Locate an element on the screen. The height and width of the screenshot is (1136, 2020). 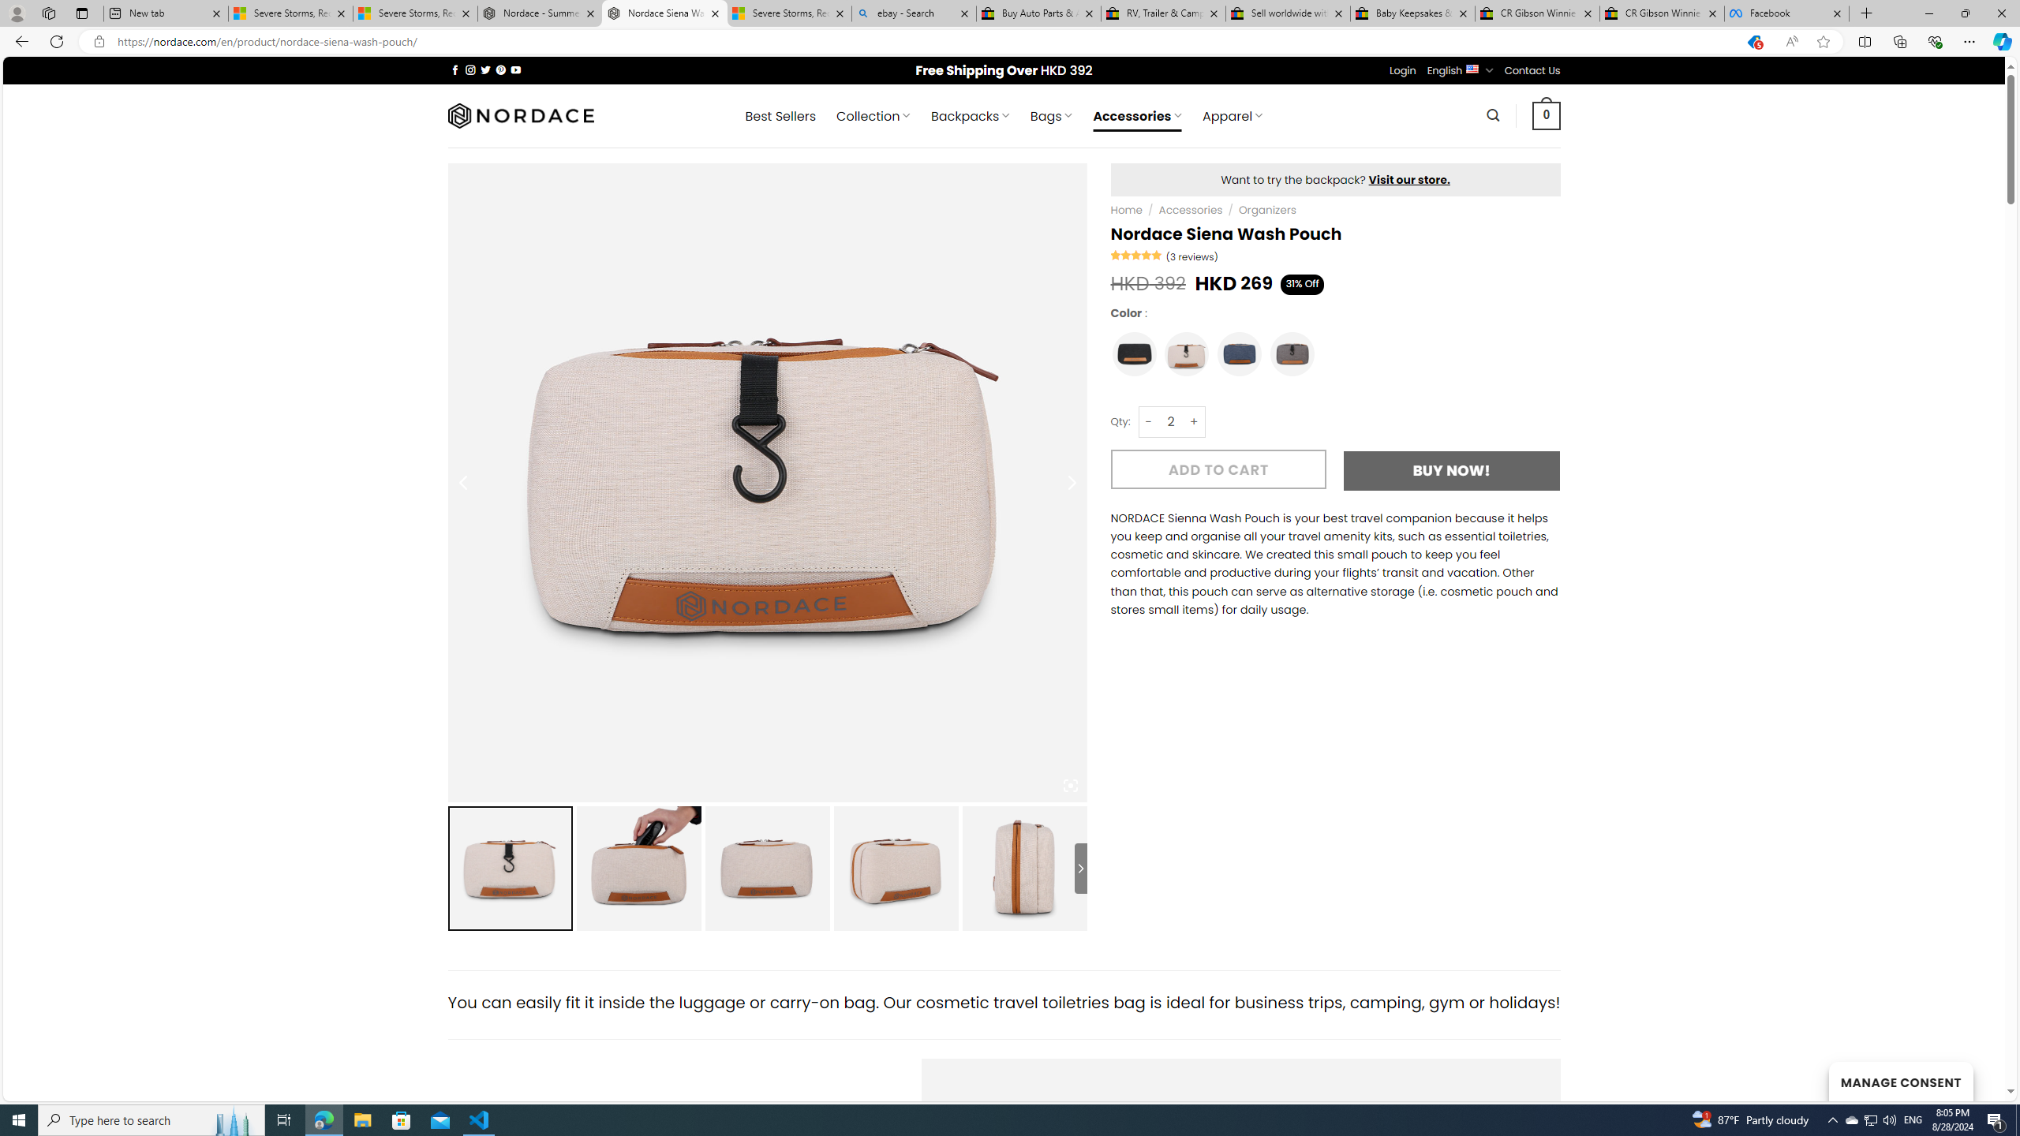
'Contact Us' is located at coordinates (1533, 69).